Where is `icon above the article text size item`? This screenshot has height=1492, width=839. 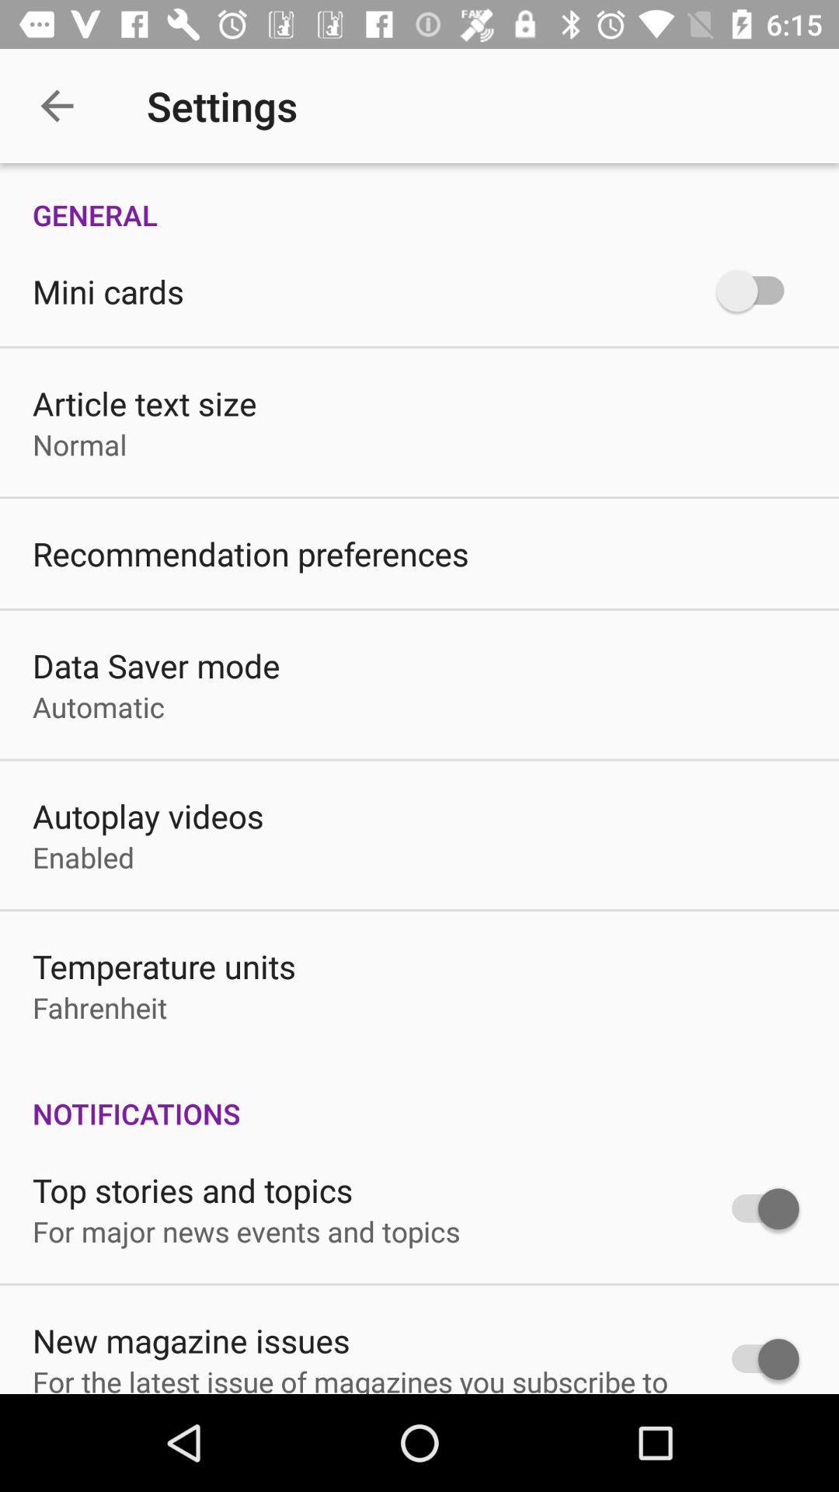
icon above the article text size item is located at coordinates (107, 291).